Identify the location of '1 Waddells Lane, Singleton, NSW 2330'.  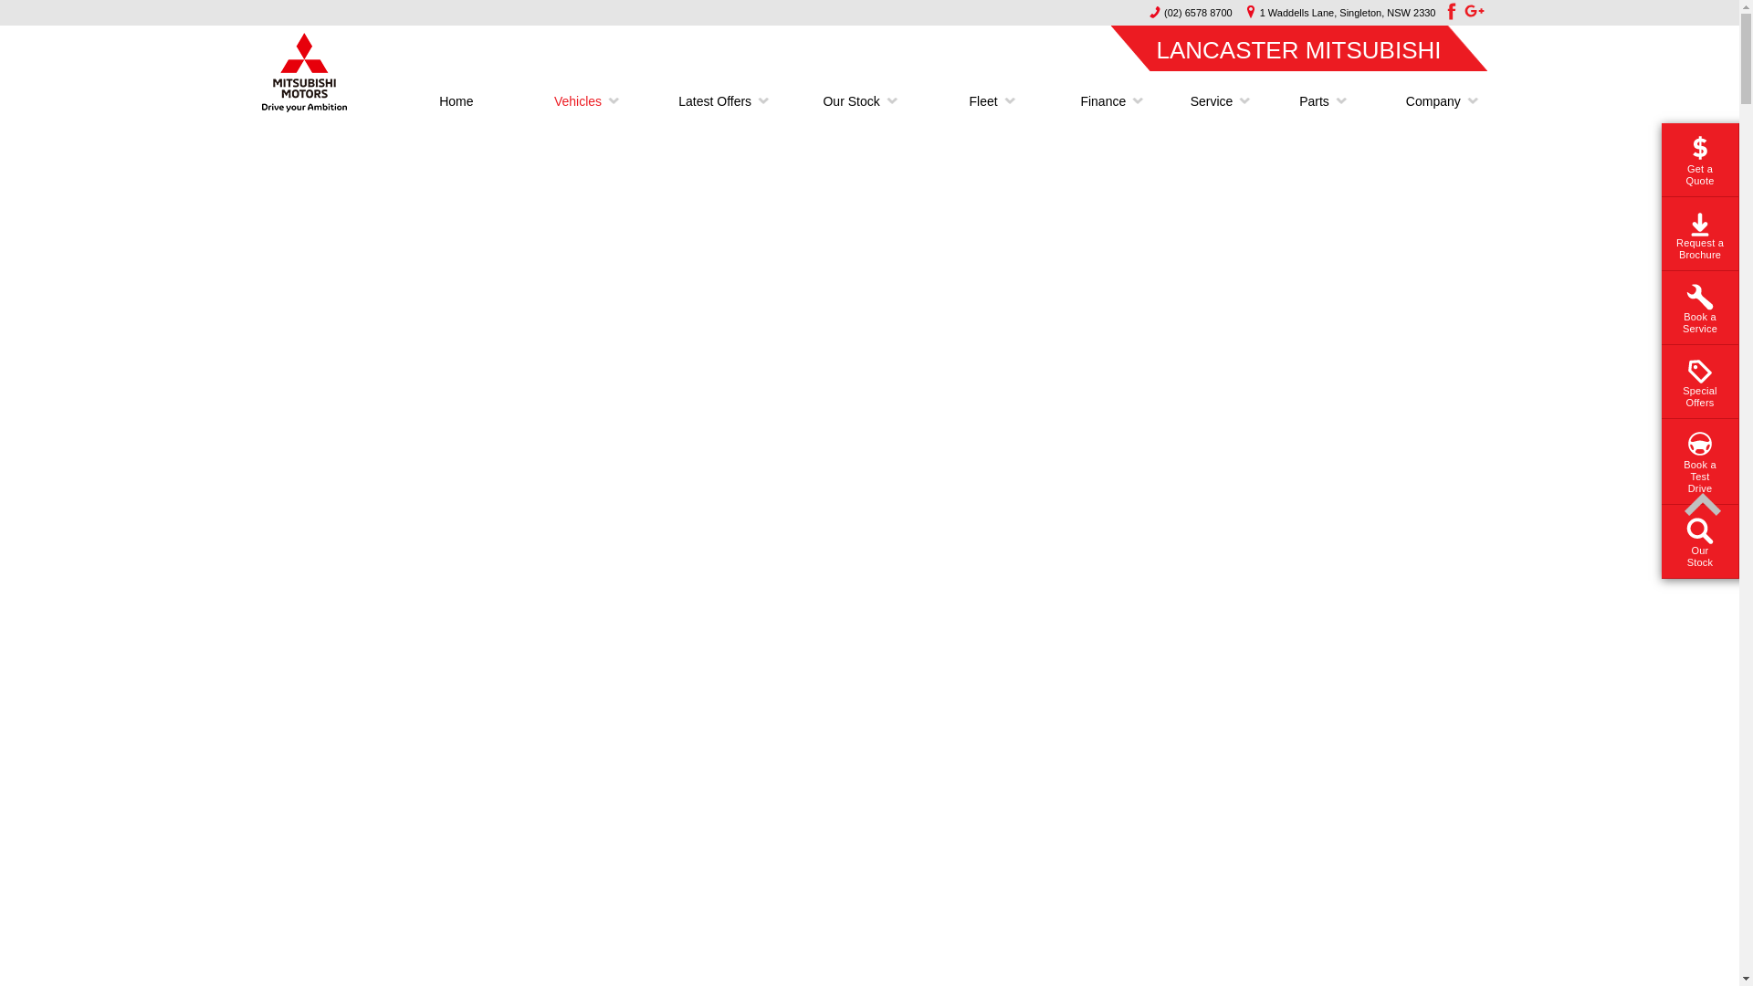
(1337, 13).